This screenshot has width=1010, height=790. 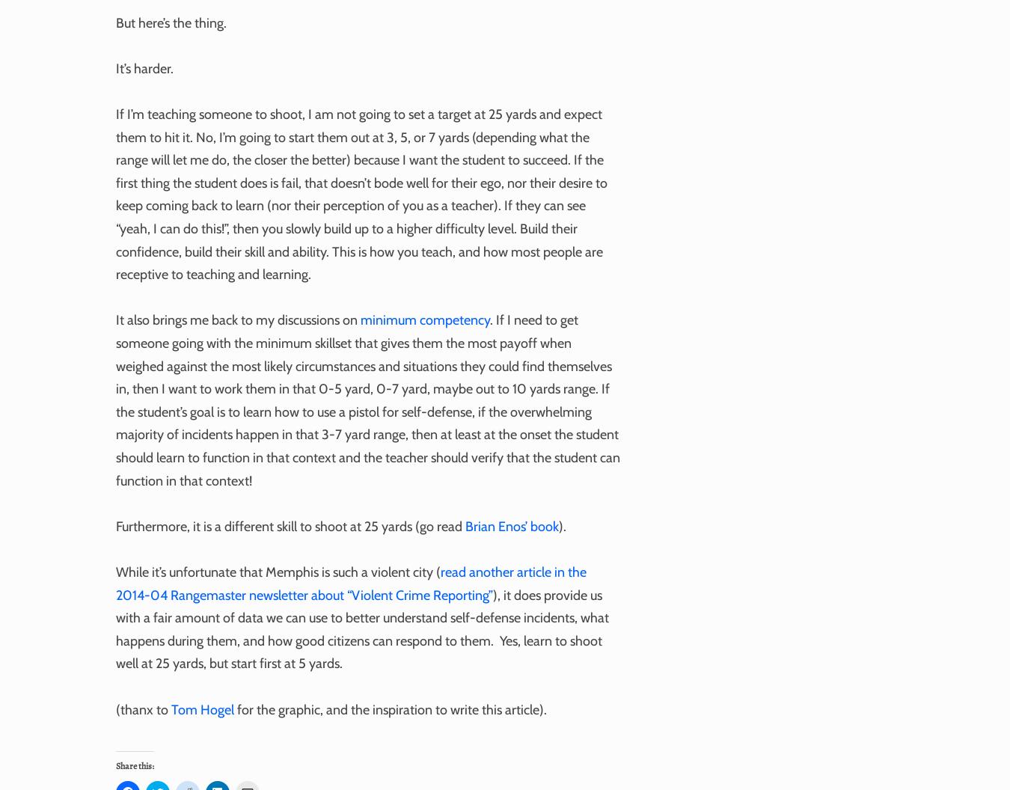 What do you see at coordinates (367, 399) in the screenshot?
I see `'. If I need to get someone going with the minimum skillset that gives them the most payoff when weighed against the most likely circumstances and situations they could find themselves in, then I want to work them in that 0-5 yard, 0-7 yard, maybe out to 10 yards range. If the student’s goal is to learn how to use a pistol for self-defense, if the overwhelming majority of incidents happen in that 3-7 yard range, then at least at the onset the student should learn to function in that context and the teacher should verify that the student can function in that context!'` at bounding box center [367, 399].